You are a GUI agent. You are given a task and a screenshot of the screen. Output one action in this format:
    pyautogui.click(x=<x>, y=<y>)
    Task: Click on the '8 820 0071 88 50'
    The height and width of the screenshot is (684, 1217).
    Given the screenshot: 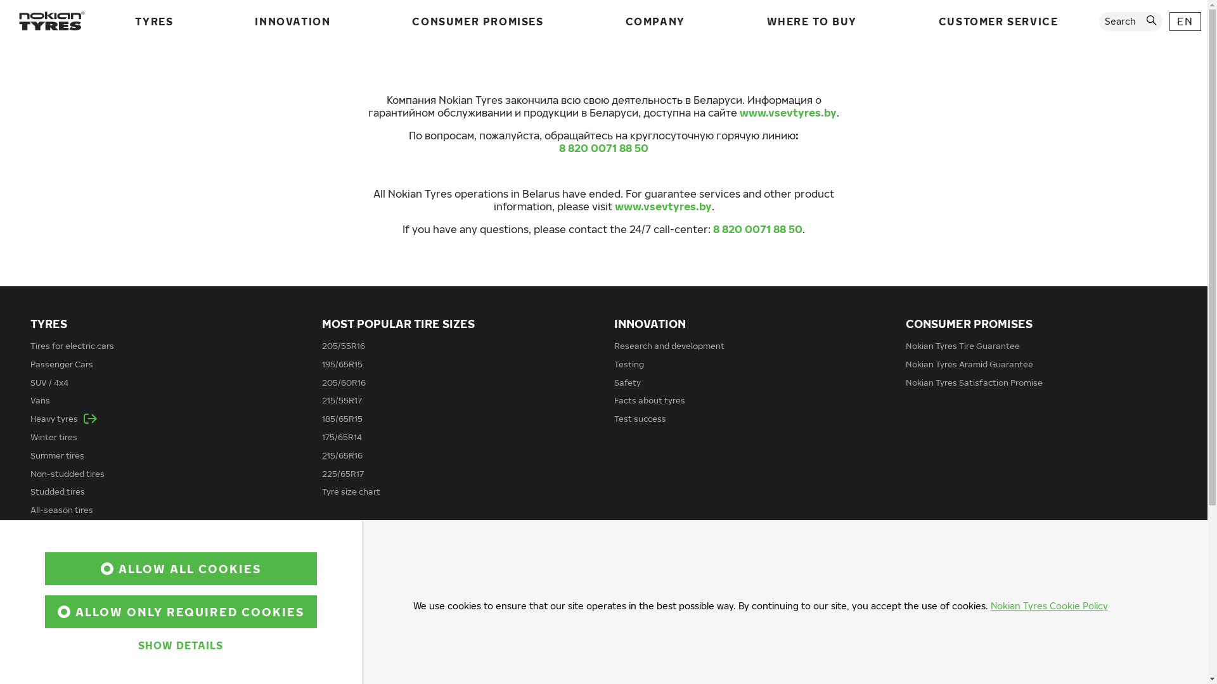 What is the action you would take?
    pyautogui.click(x=558, y=148)
    